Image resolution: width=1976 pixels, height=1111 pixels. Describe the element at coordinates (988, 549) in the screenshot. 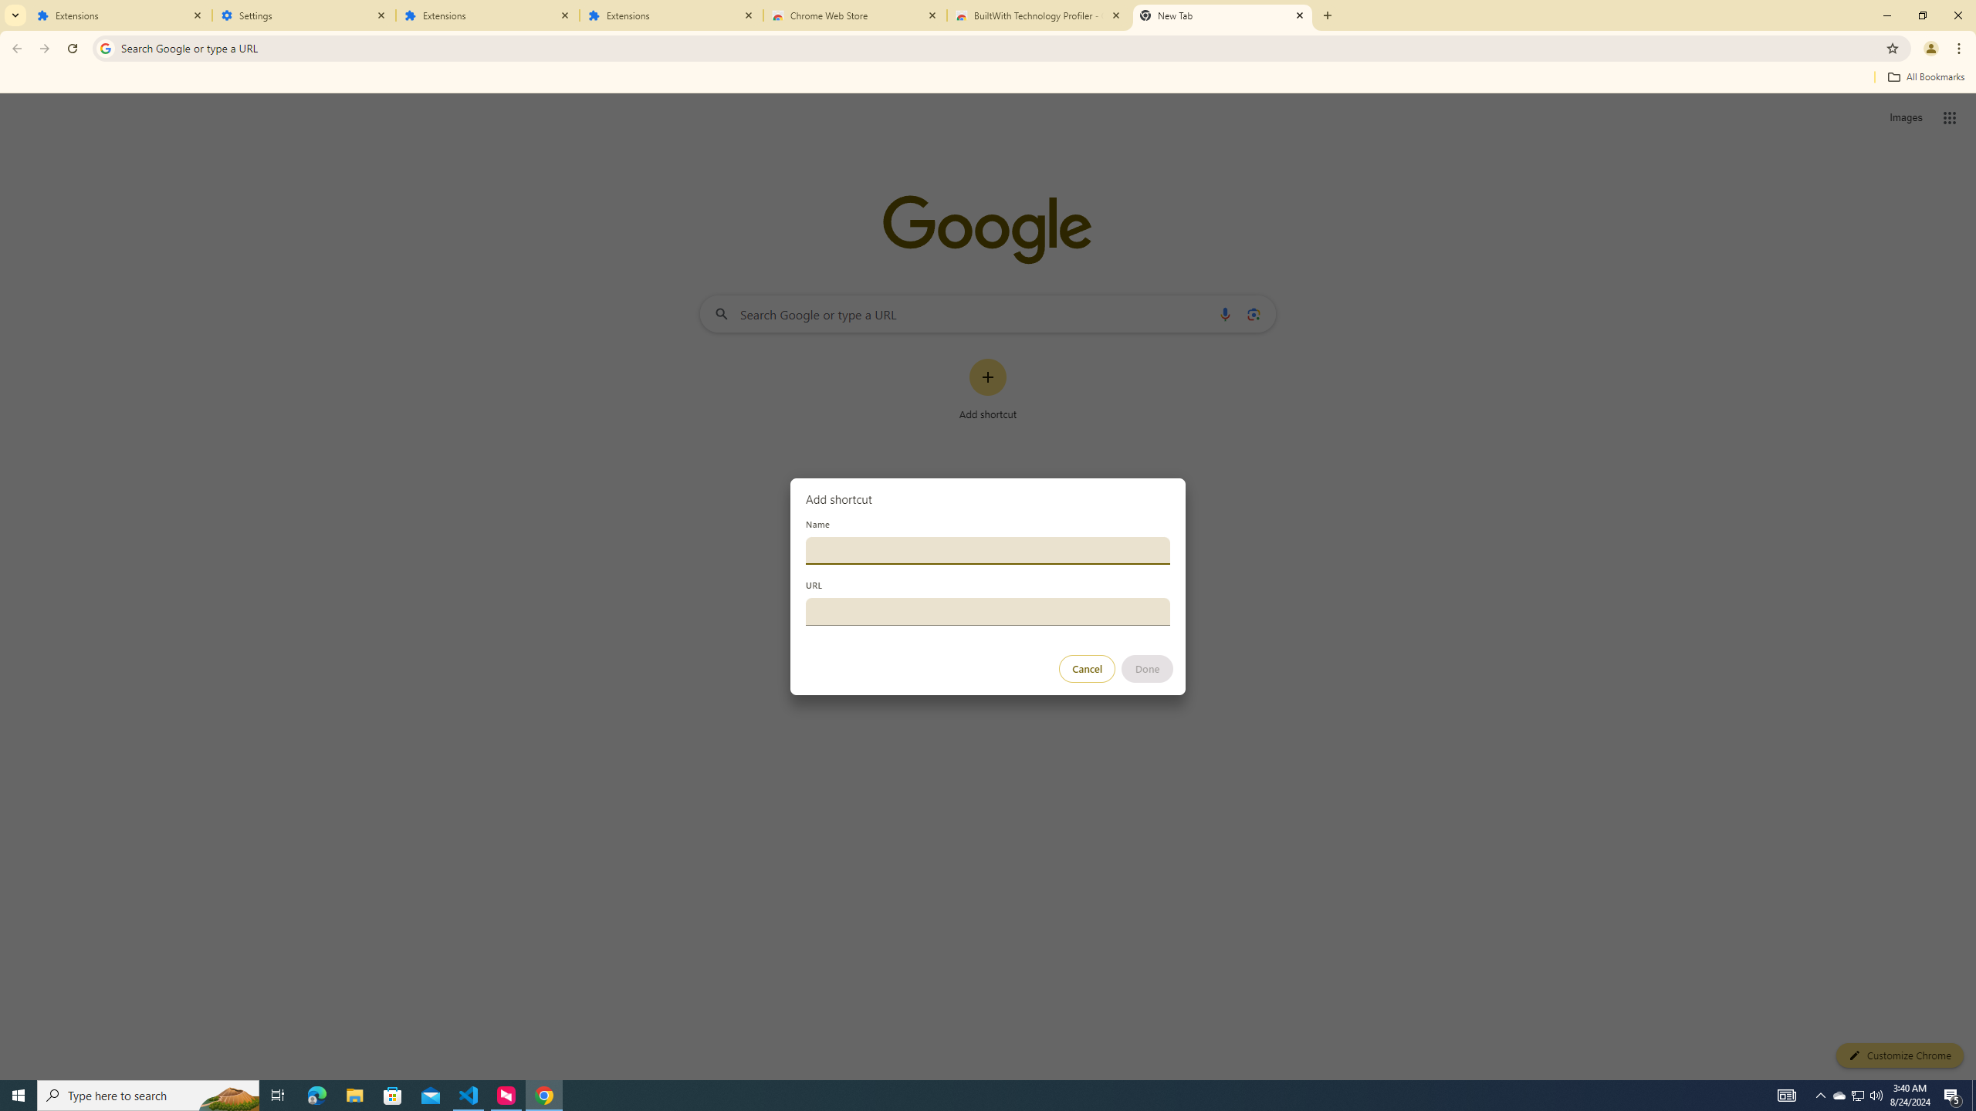

I see `'Name'` at that location.